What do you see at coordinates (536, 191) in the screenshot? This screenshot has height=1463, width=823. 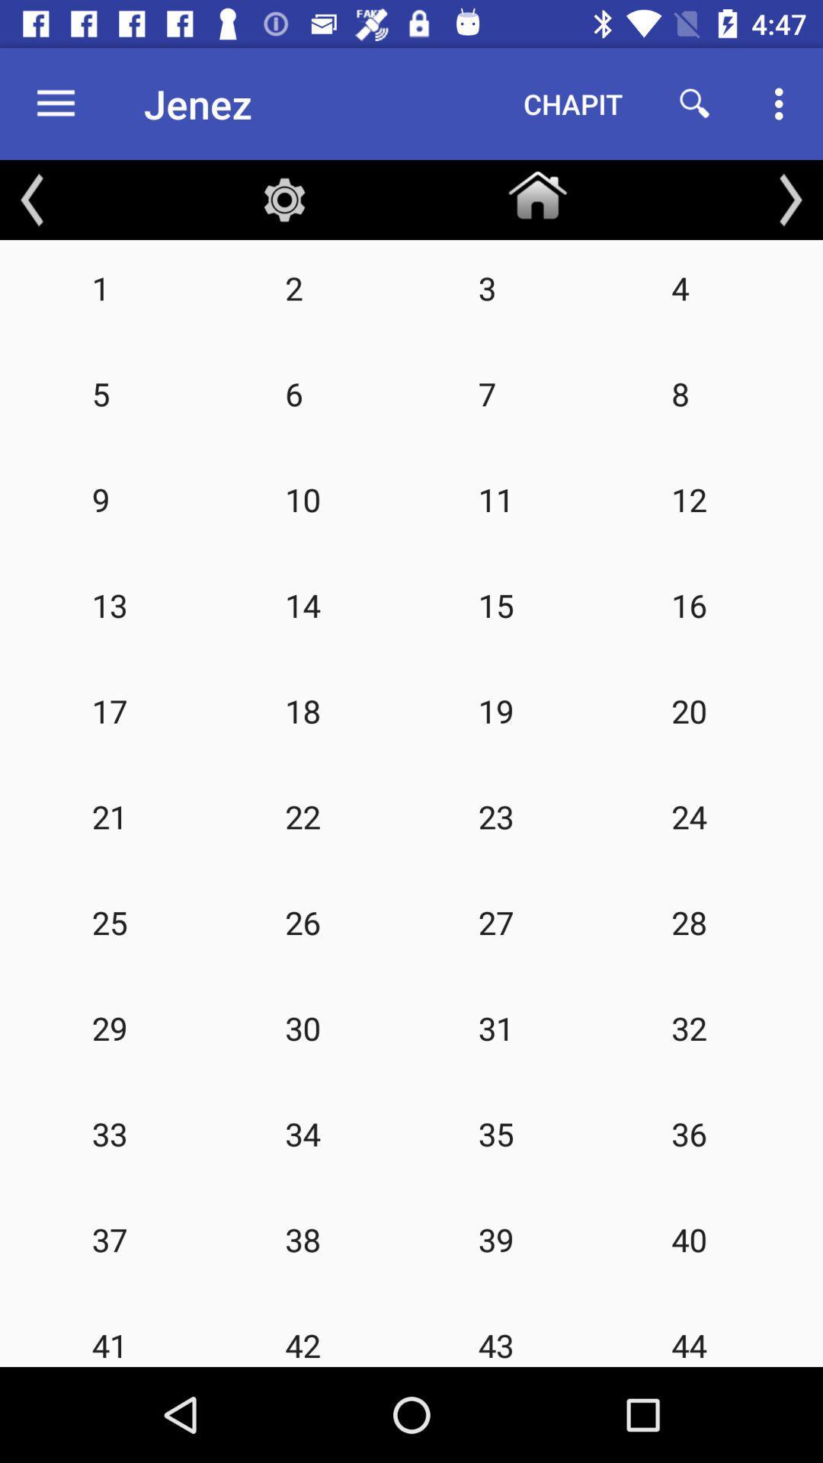 I see `the home button below chapit` at bounding box center [536, 191].